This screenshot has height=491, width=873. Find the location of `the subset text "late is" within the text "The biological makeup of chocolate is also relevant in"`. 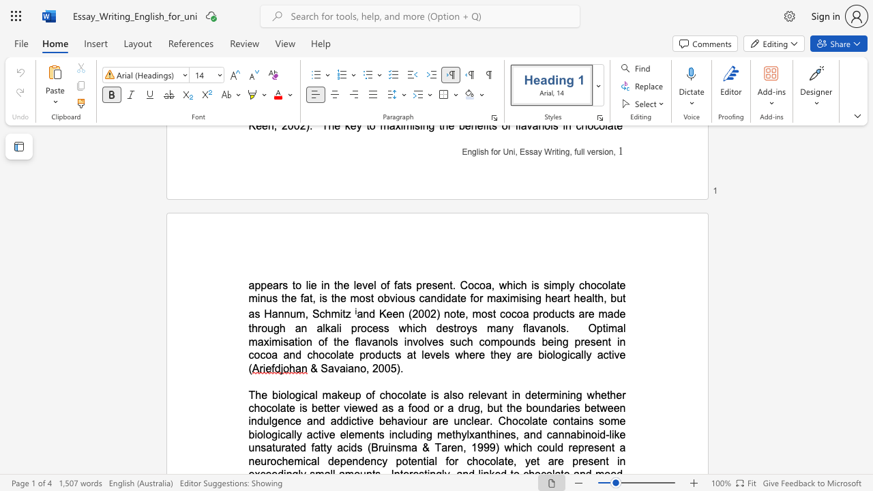

the subset text "late is" within the text "The biological makeup of chocolate is also relevant in" is located at coordinates (408, 395).